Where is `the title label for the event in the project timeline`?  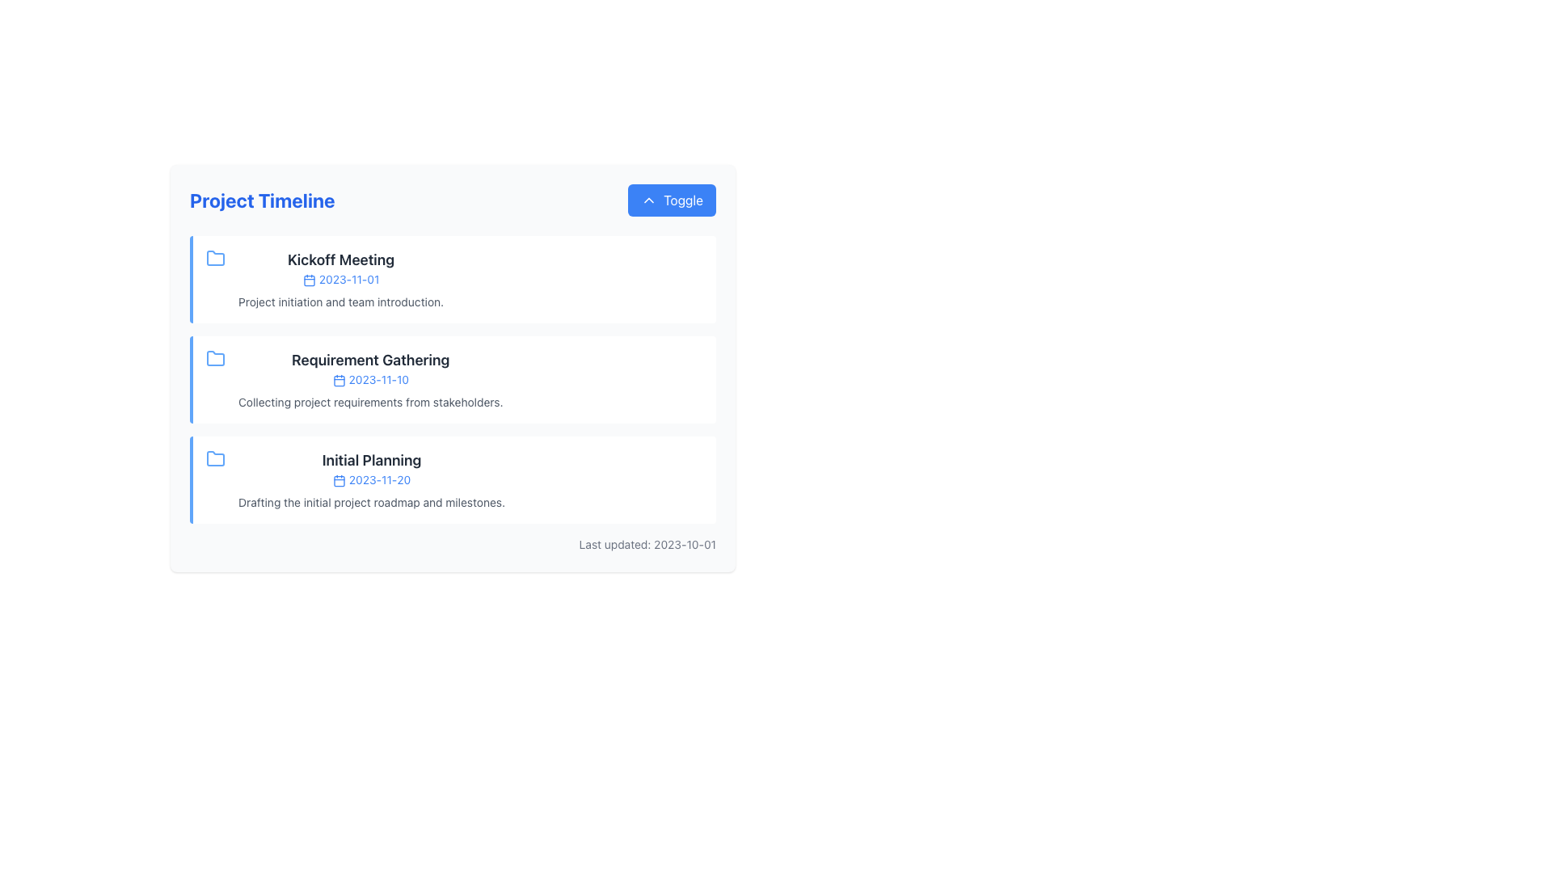 the title label for the event in the project timeline is located at coordinates (369, 360).